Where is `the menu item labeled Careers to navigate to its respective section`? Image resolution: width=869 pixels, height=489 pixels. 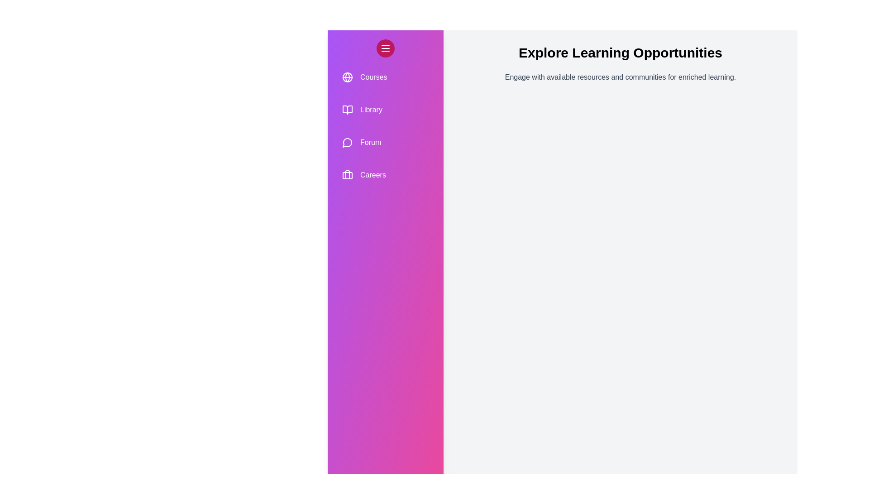
the menu item labeled Careers to navigate to its respective section is located at coordinates (385, 175).